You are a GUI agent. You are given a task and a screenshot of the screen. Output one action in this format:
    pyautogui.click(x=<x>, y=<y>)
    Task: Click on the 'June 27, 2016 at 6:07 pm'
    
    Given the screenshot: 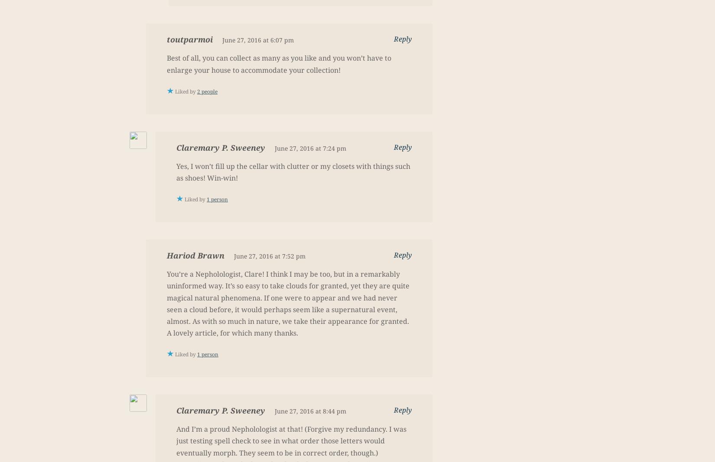 What is the action you would take?
    pyautogui.click(x=257, y=39)
    